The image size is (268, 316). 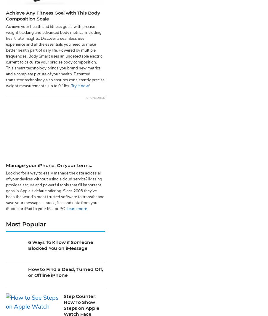 I want to click on 'How To Put Two Pictures Together on iPhone', so click(x=82, y=229).